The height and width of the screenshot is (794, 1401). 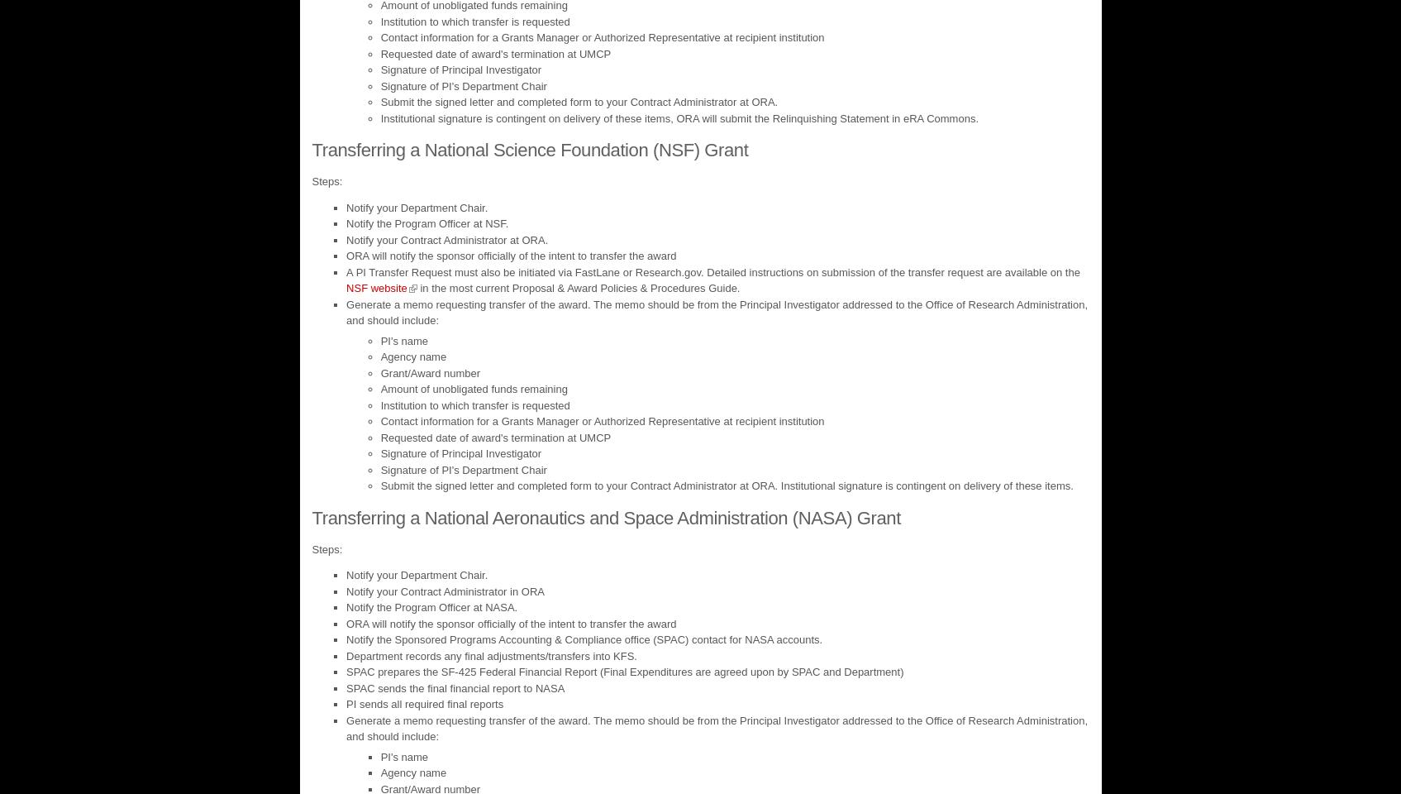 What do you see at coordinates (447, 238) in the screenshot?
I see `'Notify your Contract Administrator at ORA.'` at bounding box center [447, 238].